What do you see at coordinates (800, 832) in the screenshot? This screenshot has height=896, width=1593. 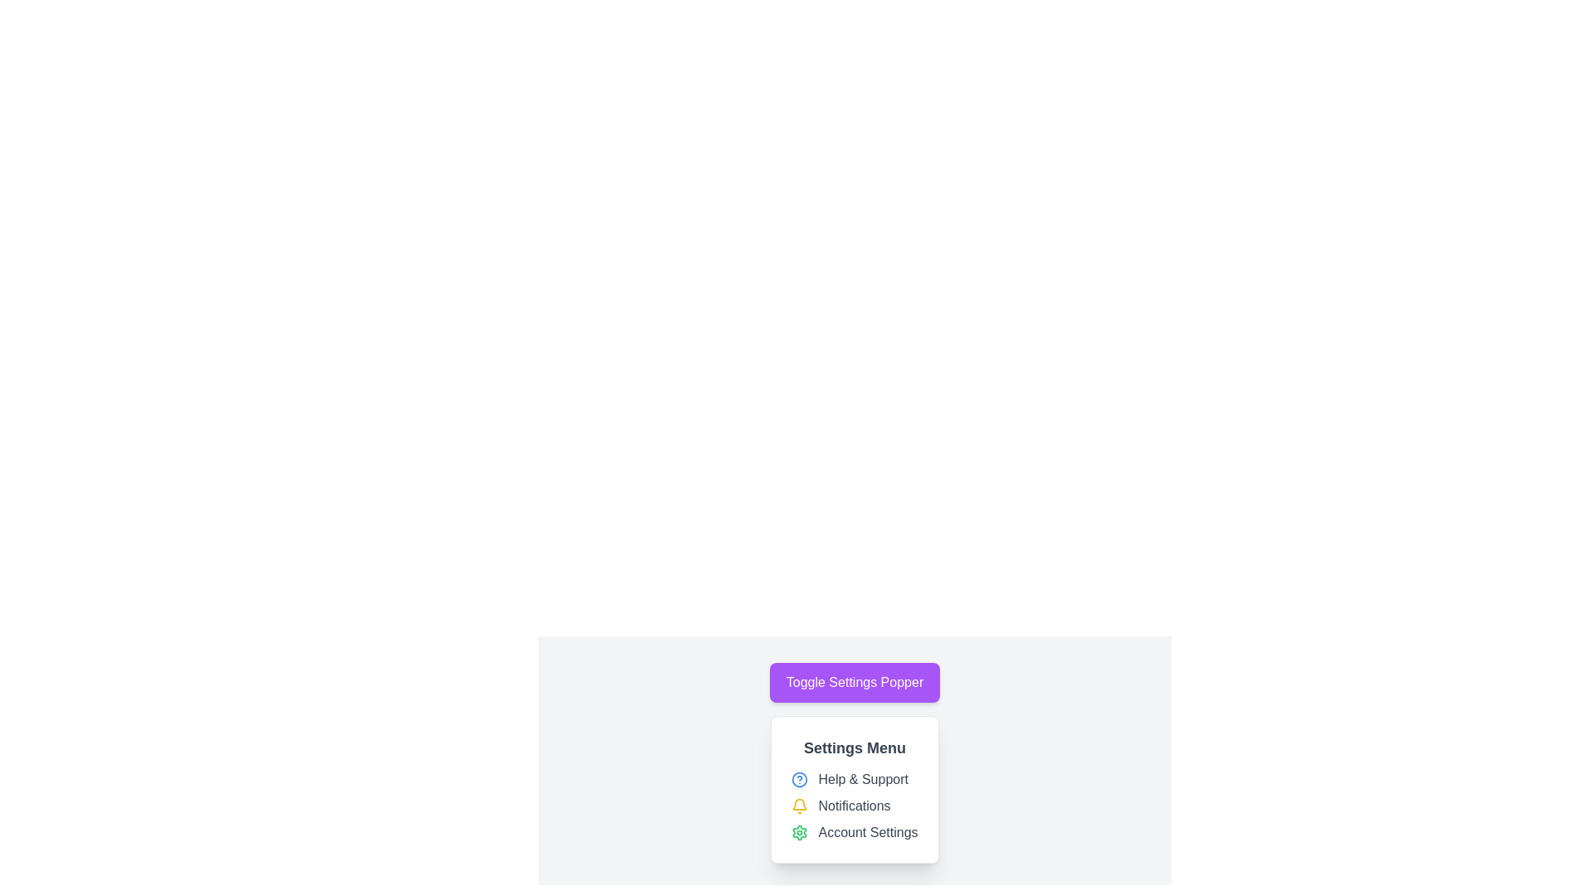 I see `the gear-shaped icon component located in the 'Settings Menu' popup interface` at bounding box center [800, 832].